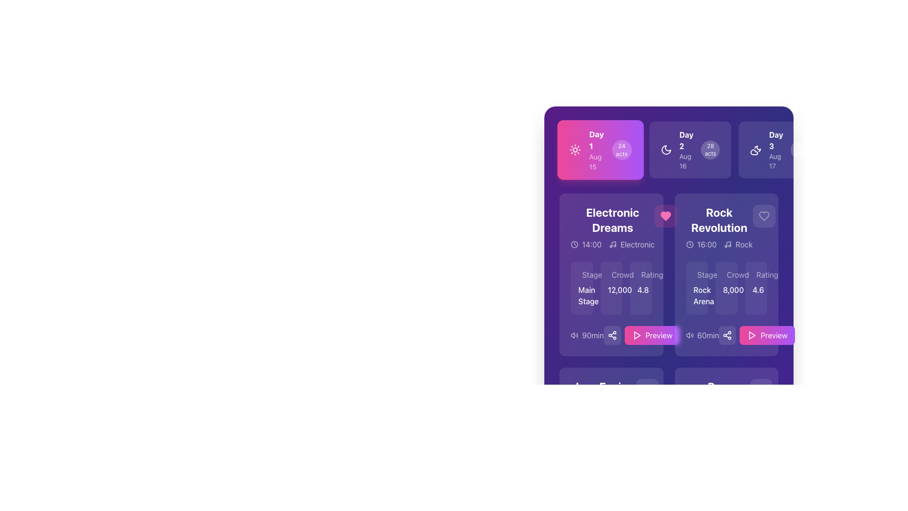 The image size is (908, 511). I want to click on crowd size information displayed in the text element located in the second column of the event card for 'Rock Revolution', so click(726, 288).